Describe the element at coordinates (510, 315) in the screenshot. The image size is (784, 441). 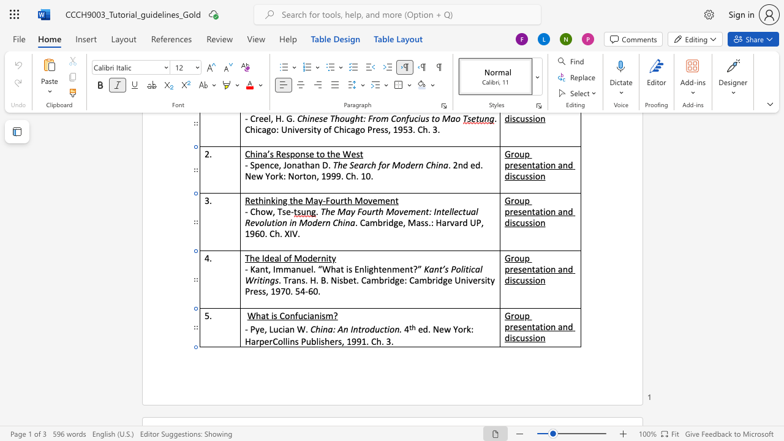
I see `the space between the continuous character "G" and "r" in the text` at that location.